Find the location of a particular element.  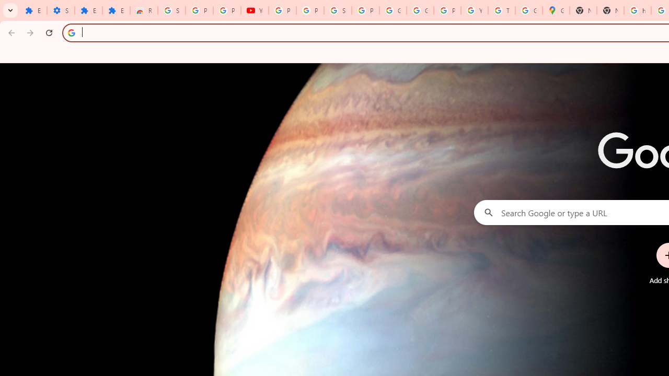

'https://scholar.google.com/' is located at coordinates (637, 10).